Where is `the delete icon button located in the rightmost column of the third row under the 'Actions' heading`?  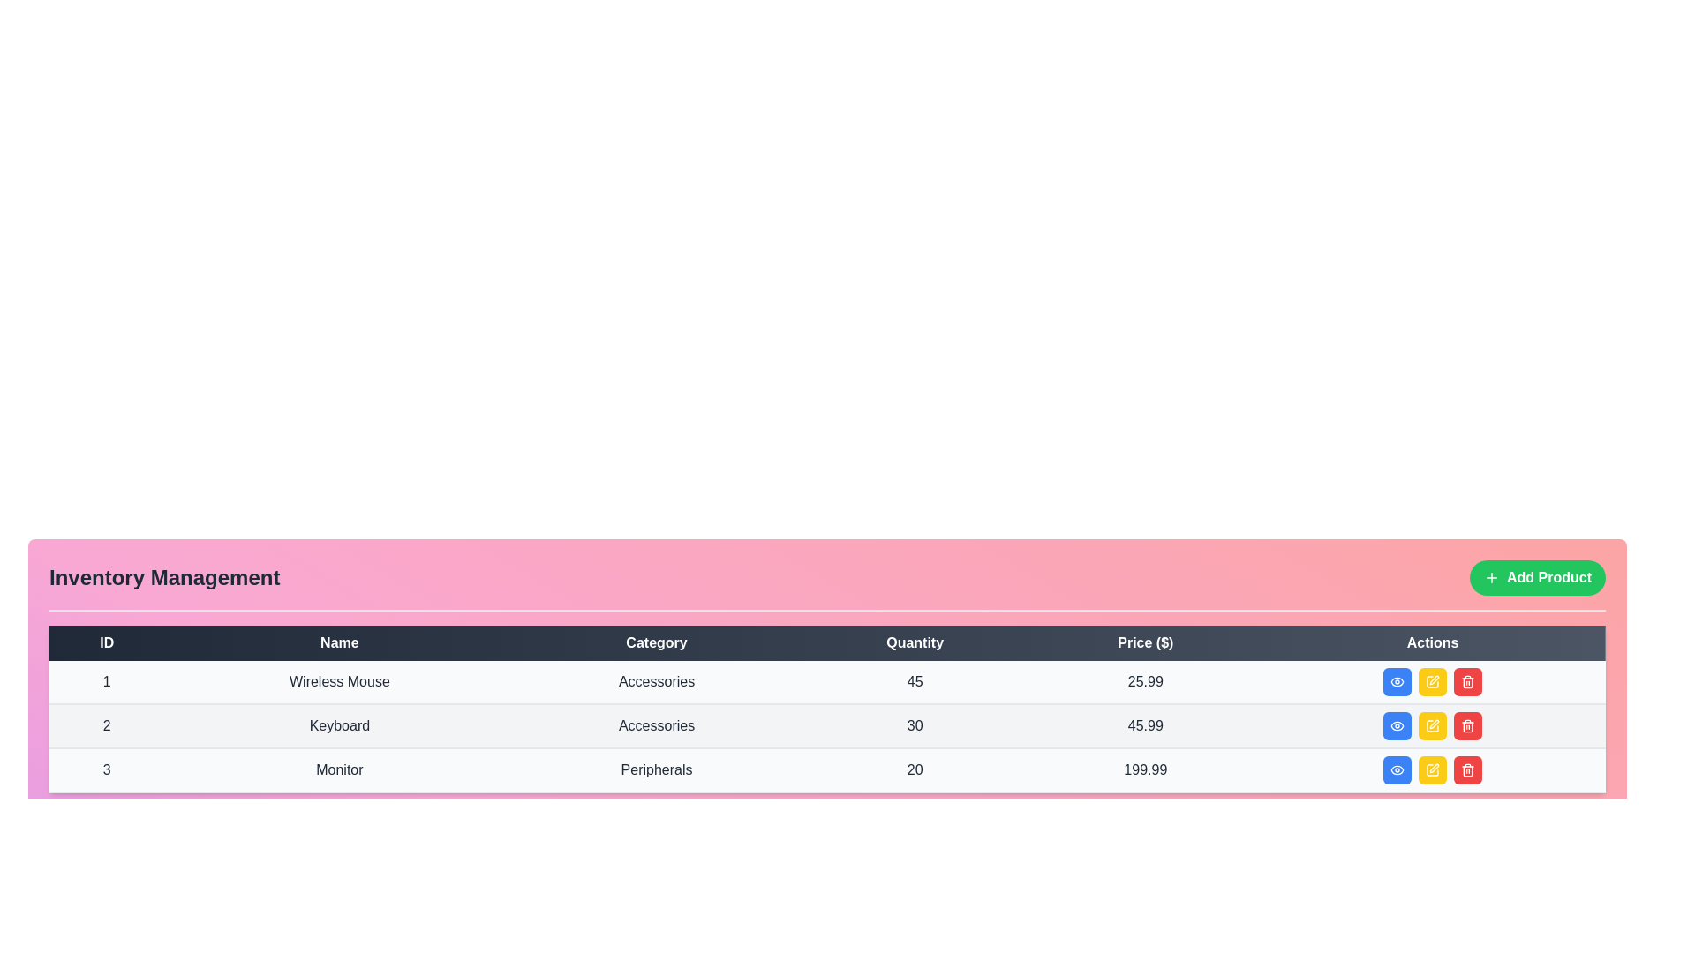
the delete icon button located in the rightmost column of the third row under the 'Actions' heading is located at coordinates (1468, 769).